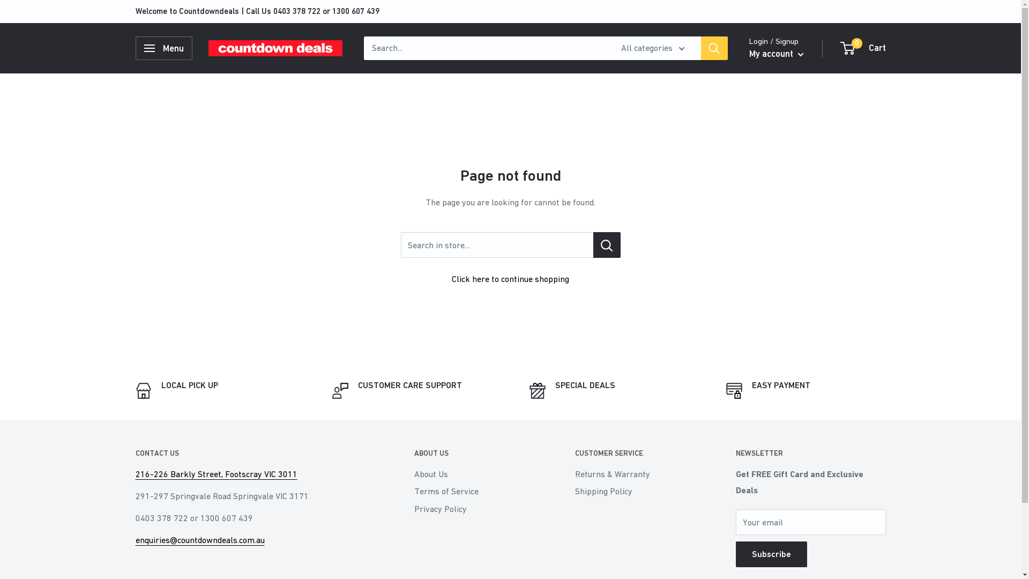 The width and height of the screenshot is (1029, 579). What do you see at coordinates (777, 54) in the screenshot?
I see `'My account'` at bounding box center [777, 54].